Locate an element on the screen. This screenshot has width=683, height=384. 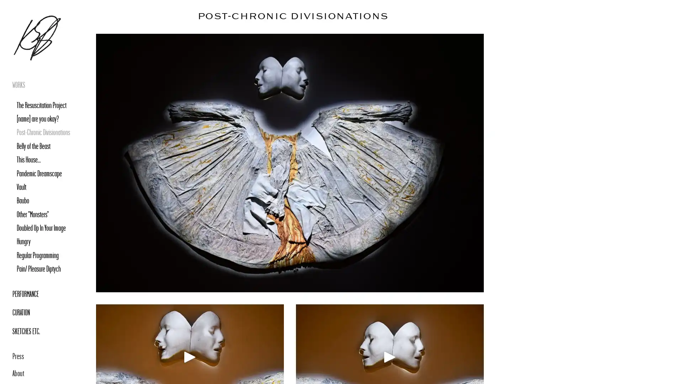
Play is located at coordinates (190, 357).